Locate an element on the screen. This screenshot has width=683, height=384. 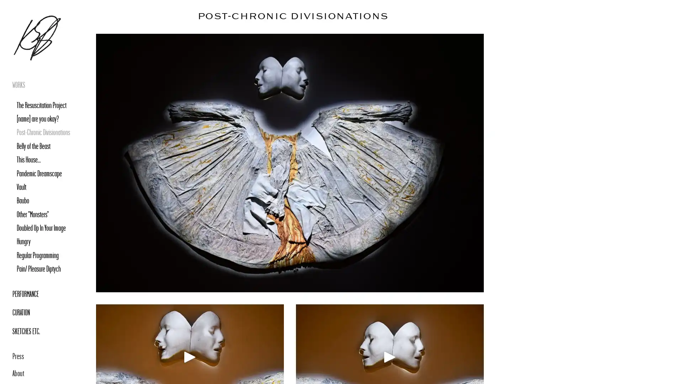
Play is located at coordinates (190, 357).